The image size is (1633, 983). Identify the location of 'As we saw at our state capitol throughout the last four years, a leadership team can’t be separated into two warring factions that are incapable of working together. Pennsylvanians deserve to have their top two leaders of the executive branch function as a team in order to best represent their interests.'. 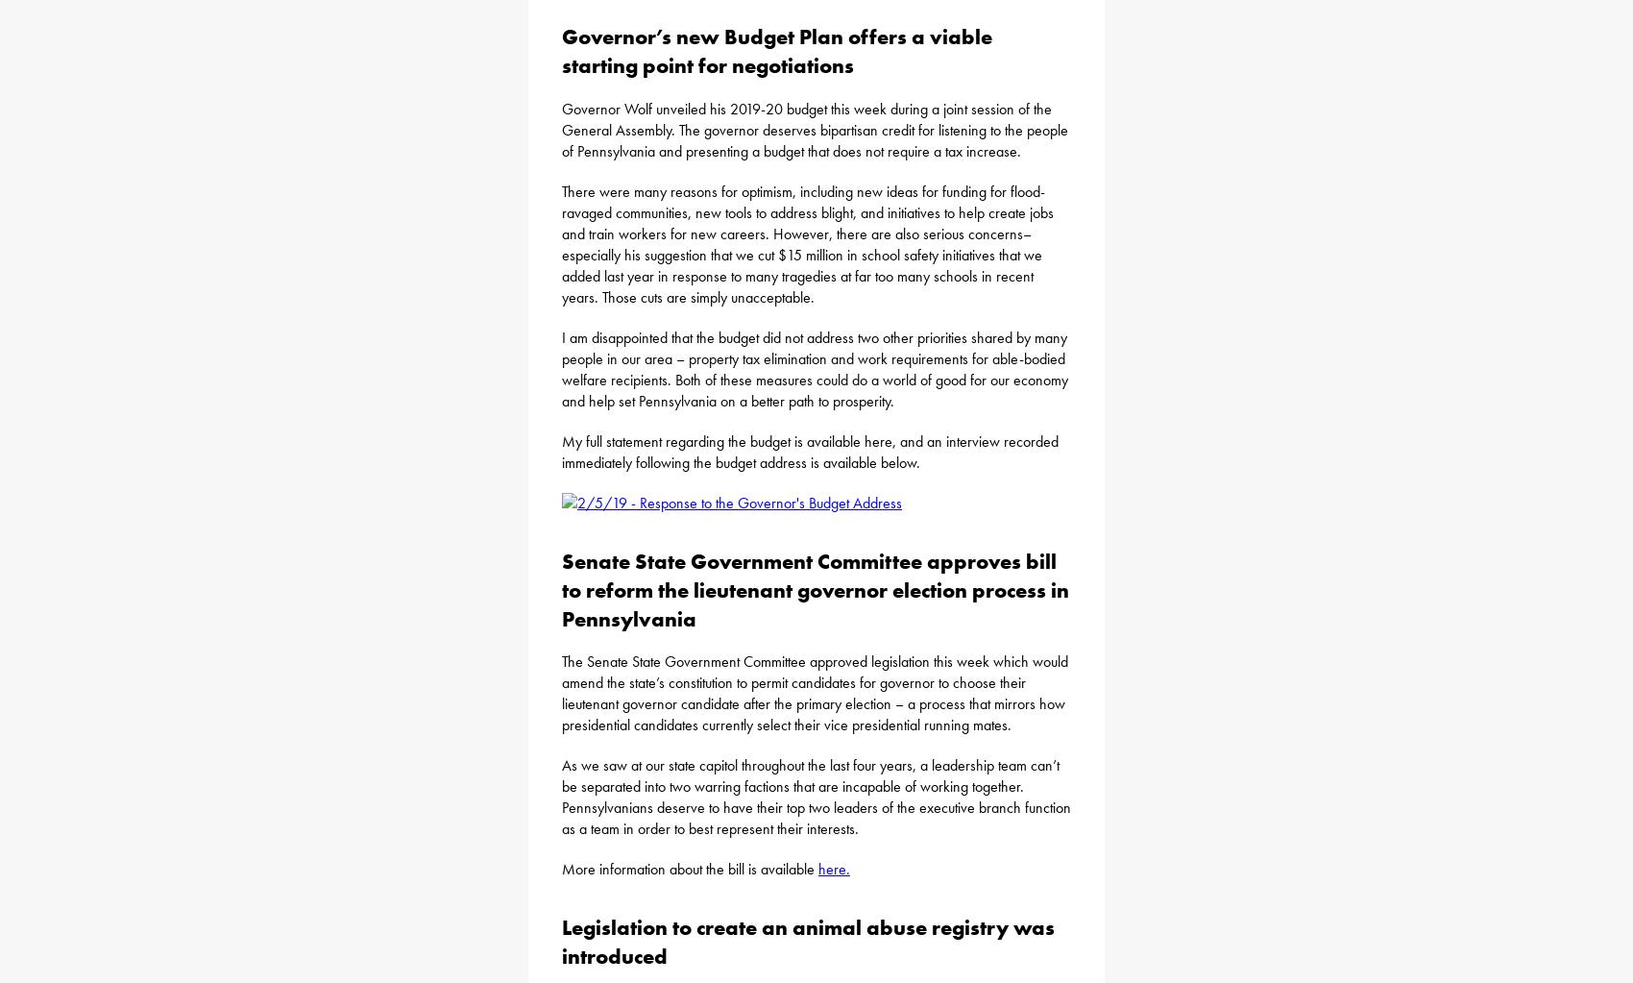
(816, 795).